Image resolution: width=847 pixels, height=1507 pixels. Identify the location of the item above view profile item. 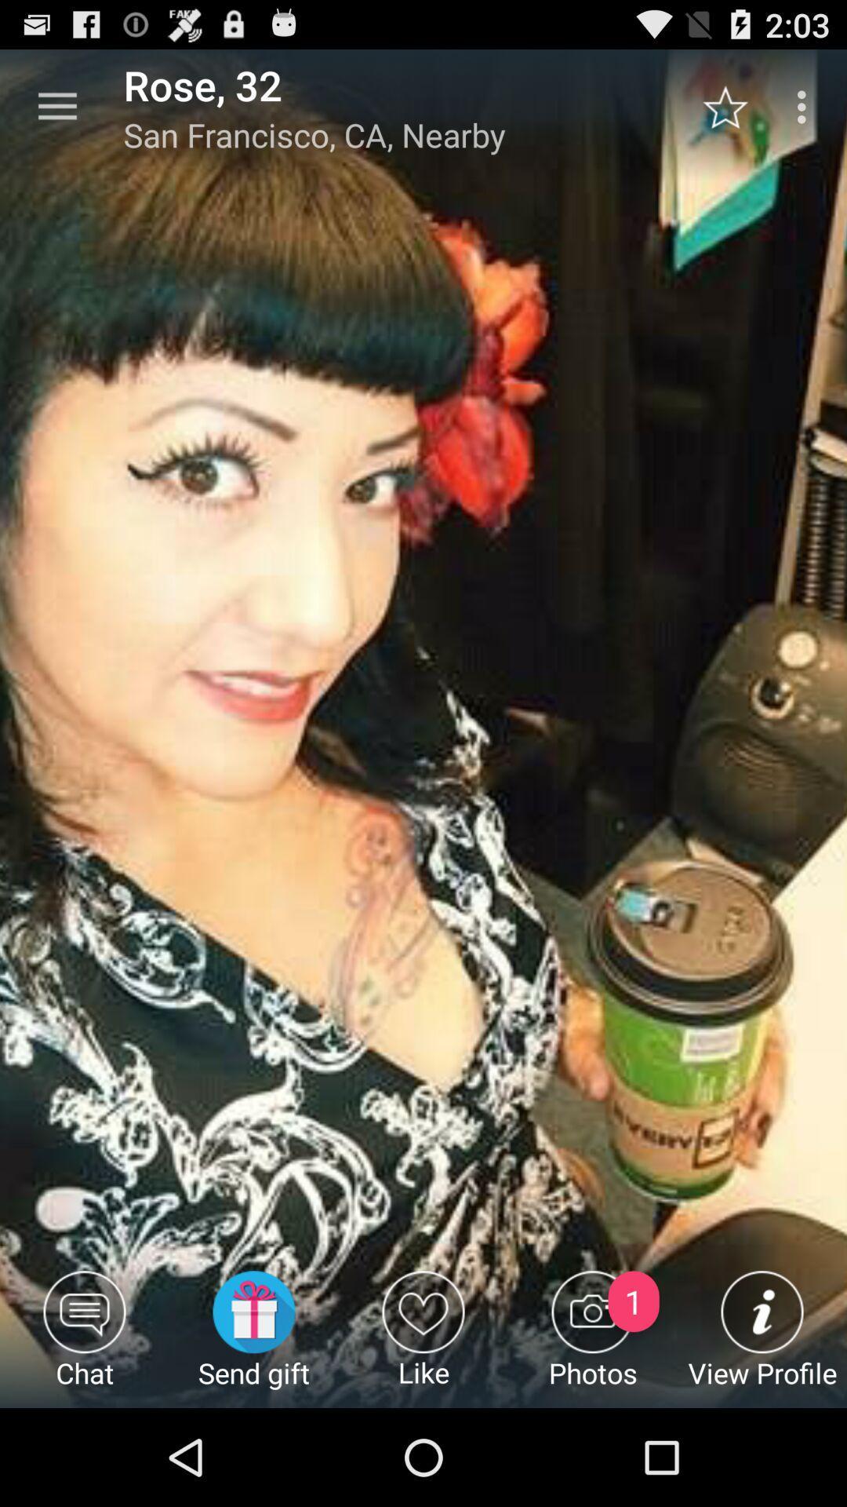
(805, 106).